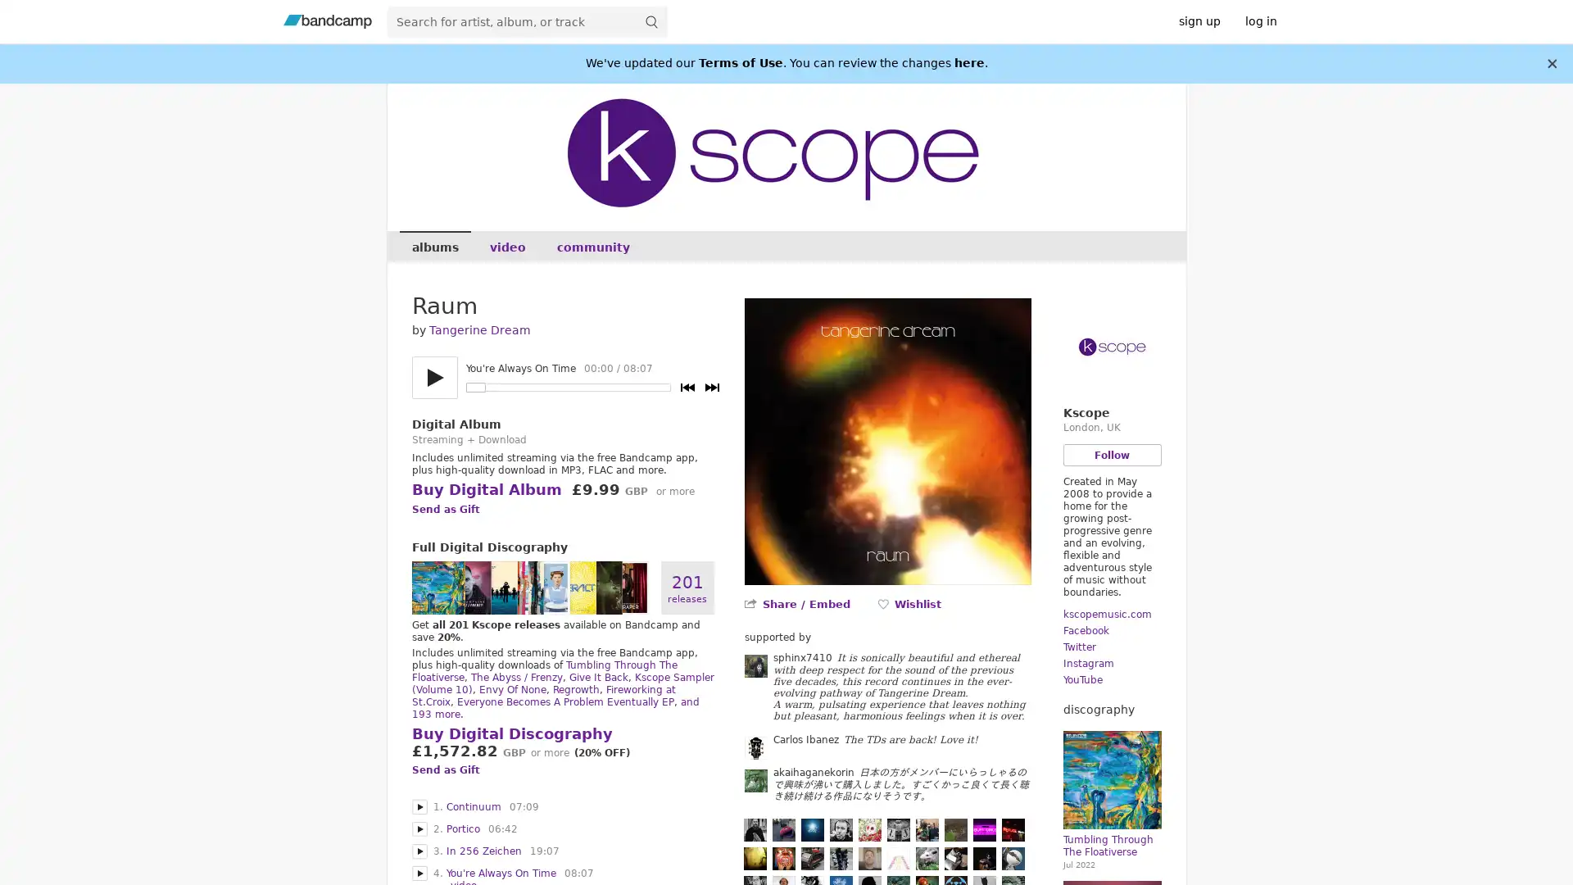  Describe the element at coordinates (651, 21) in the screenshot. I see `submit for full search page` at that location.